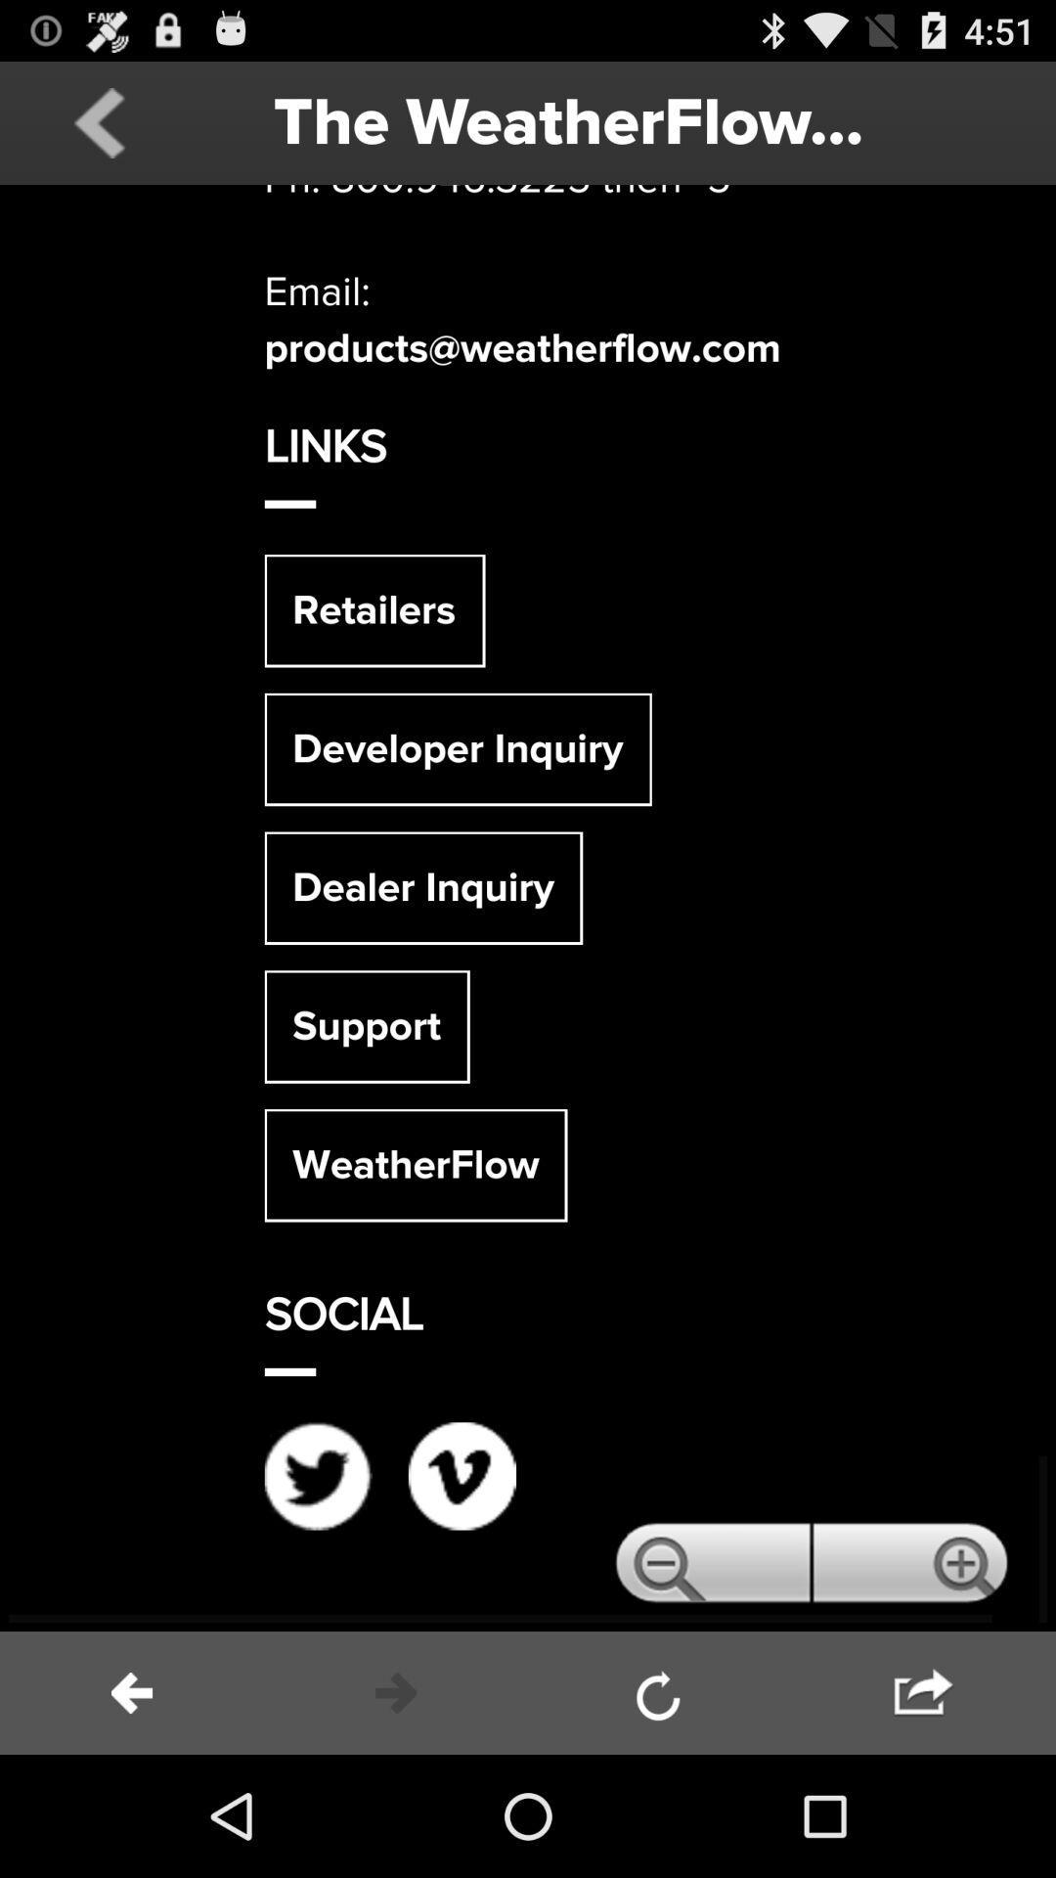 This screenshot has height=1878, width=1056. What do you see at coordinates (132, 1692) in the screenshot?
I see `back` at bounding box center [132, 1692].